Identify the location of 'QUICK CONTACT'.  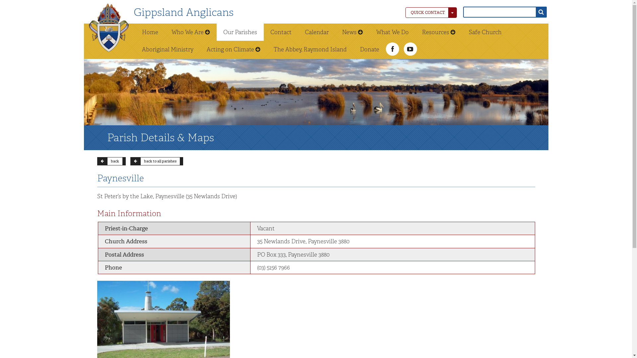
(405, 13).